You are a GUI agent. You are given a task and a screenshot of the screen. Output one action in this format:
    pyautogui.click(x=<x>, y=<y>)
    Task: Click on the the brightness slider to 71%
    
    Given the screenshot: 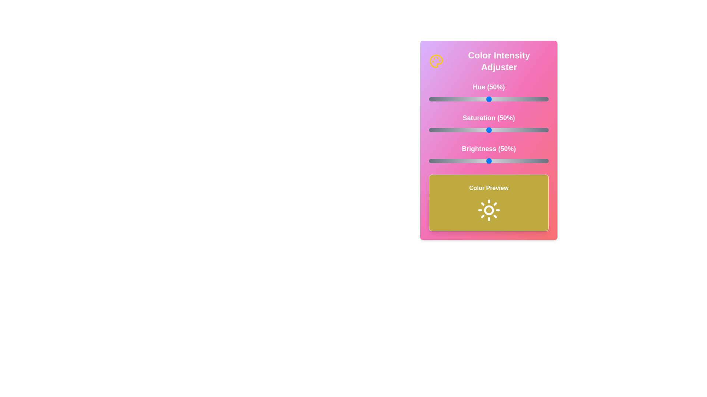 What is the action you would take?
    pyautogui.click(x=513, y=161)
    